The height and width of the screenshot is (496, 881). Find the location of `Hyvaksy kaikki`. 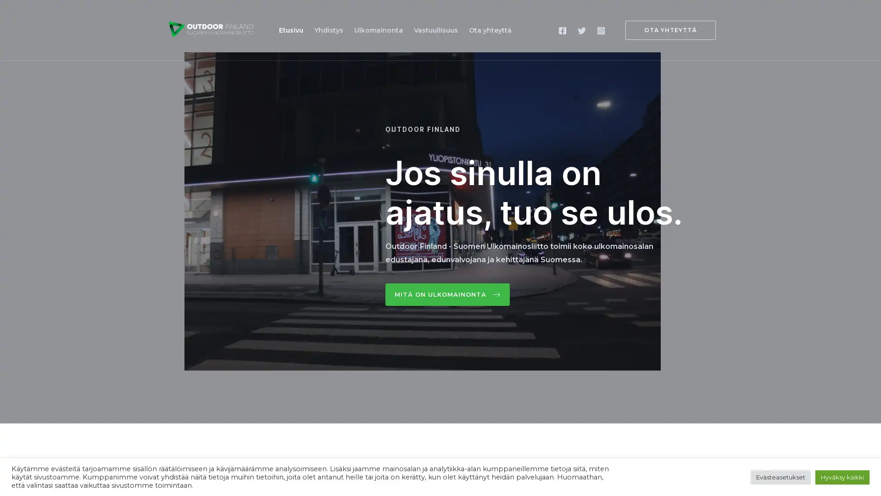

Hyvaksy kaikki is located at coordinates (842, 476).